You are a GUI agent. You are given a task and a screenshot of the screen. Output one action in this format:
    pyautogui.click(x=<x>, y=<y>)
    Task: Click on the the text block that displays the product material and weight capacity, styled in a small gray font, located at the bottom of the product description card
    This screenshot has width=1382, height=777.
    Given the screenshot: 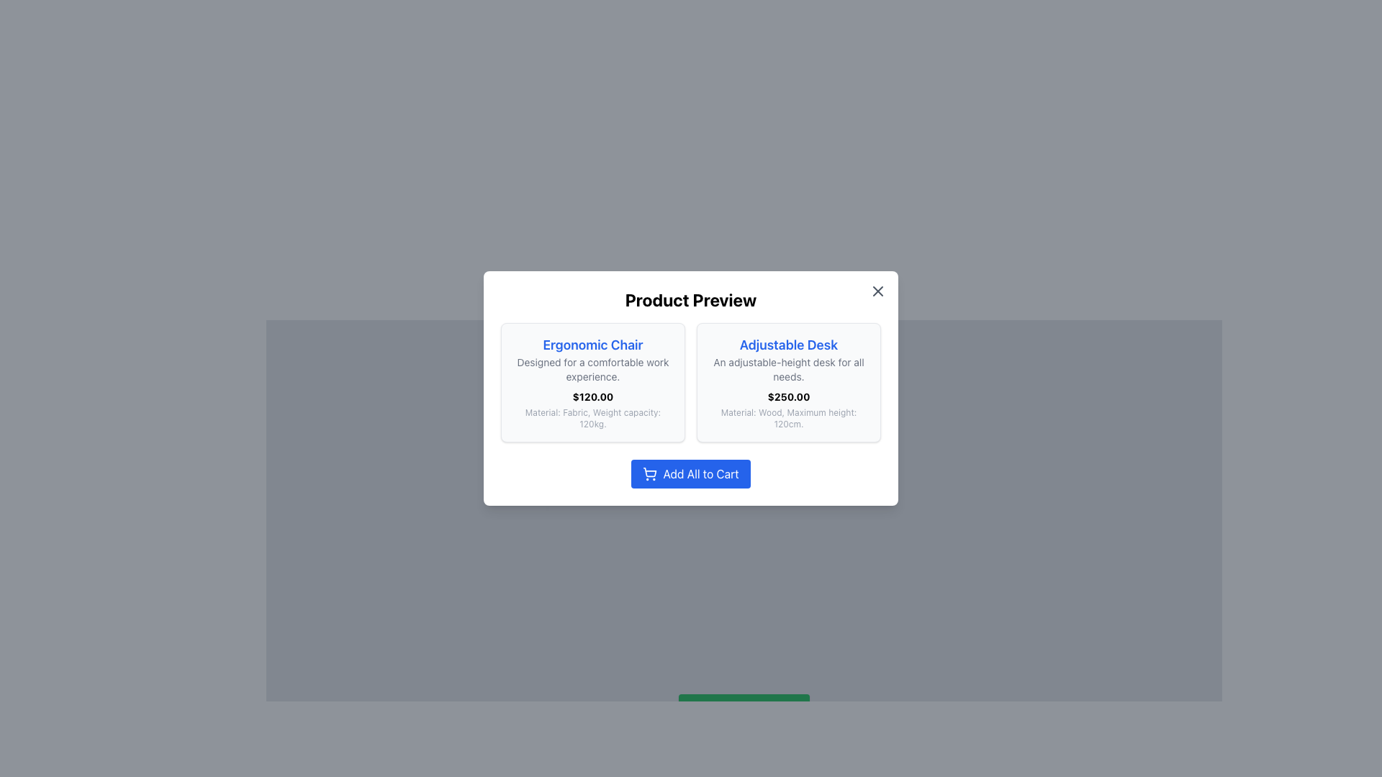 What is the action you would take?
    pyautogui.click(x=593, y=419)
    